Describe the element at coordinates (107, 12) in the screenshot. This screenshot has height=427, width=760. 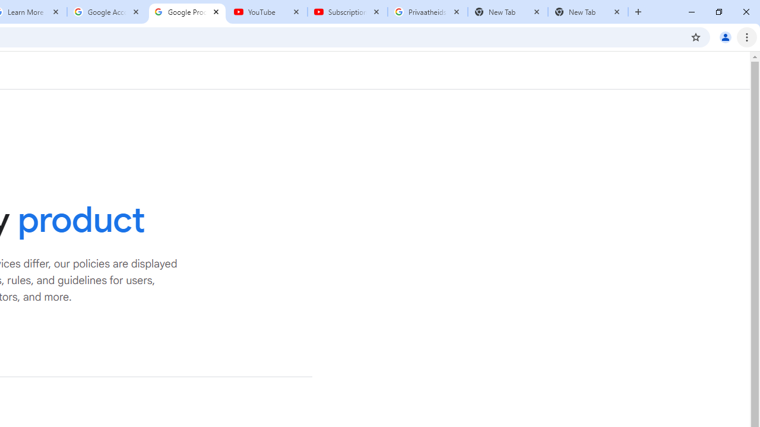
I see `'Google Account'` at that location.